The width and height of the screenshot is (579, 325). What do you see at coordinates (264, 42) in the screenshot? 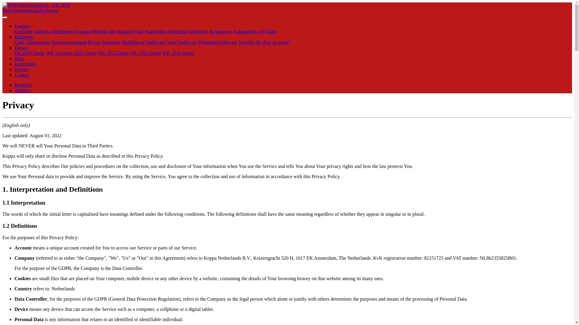
I see `'Verbeter de sfeer op werk!'` at bounding box center [264, 42].